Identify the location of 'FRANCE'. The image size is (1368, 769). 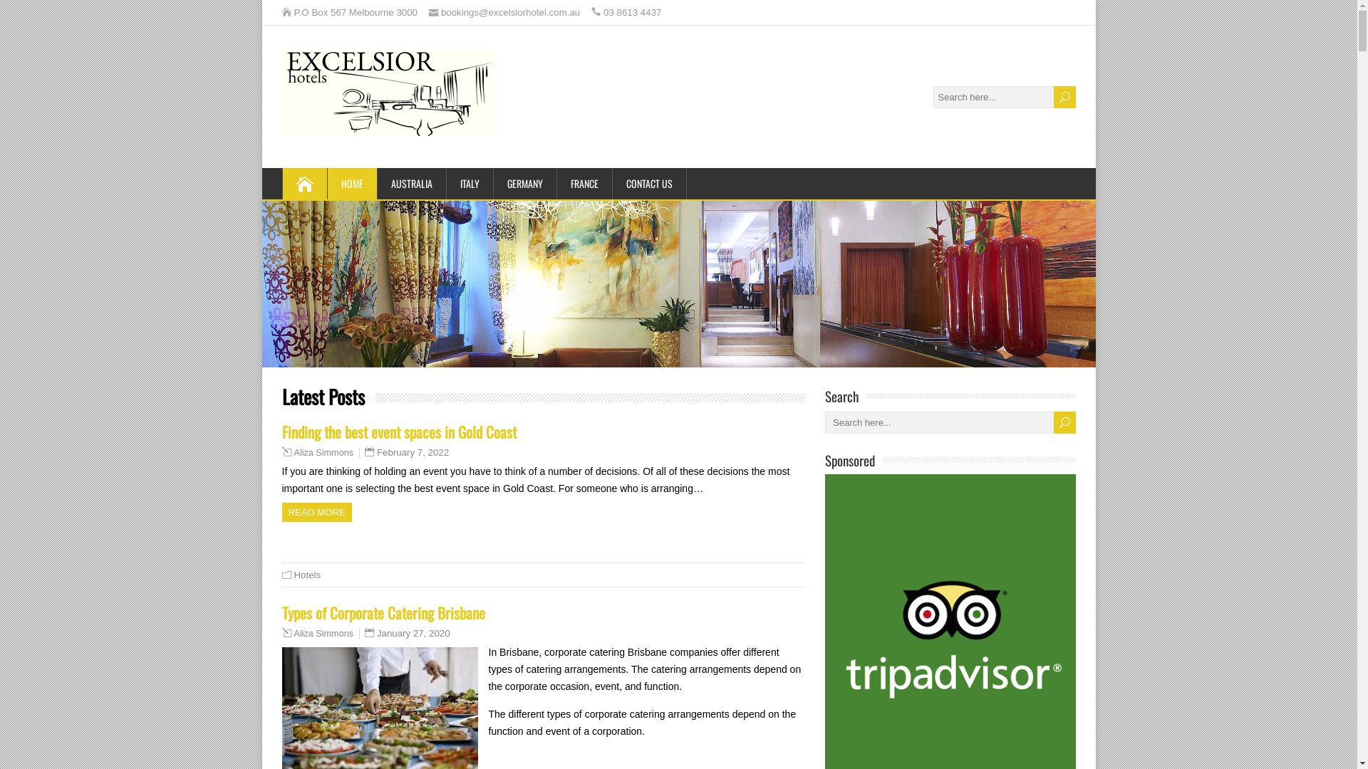
(584, 183).